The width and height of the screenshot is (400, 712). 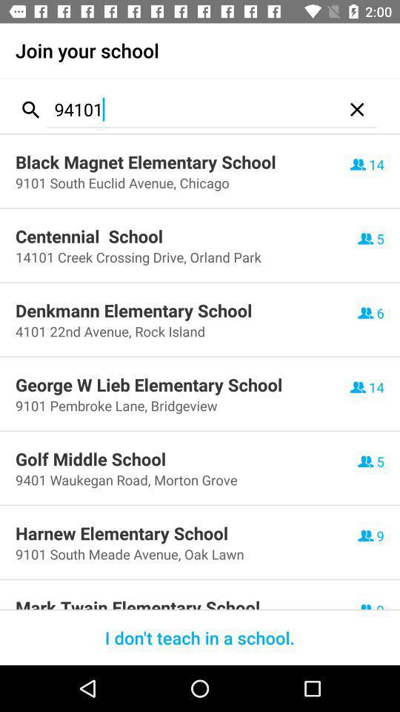 What do you see at coordinates (356, 108) in the screenshot?
I see `item next to 94101 icon` at bounding box center [356, 108].